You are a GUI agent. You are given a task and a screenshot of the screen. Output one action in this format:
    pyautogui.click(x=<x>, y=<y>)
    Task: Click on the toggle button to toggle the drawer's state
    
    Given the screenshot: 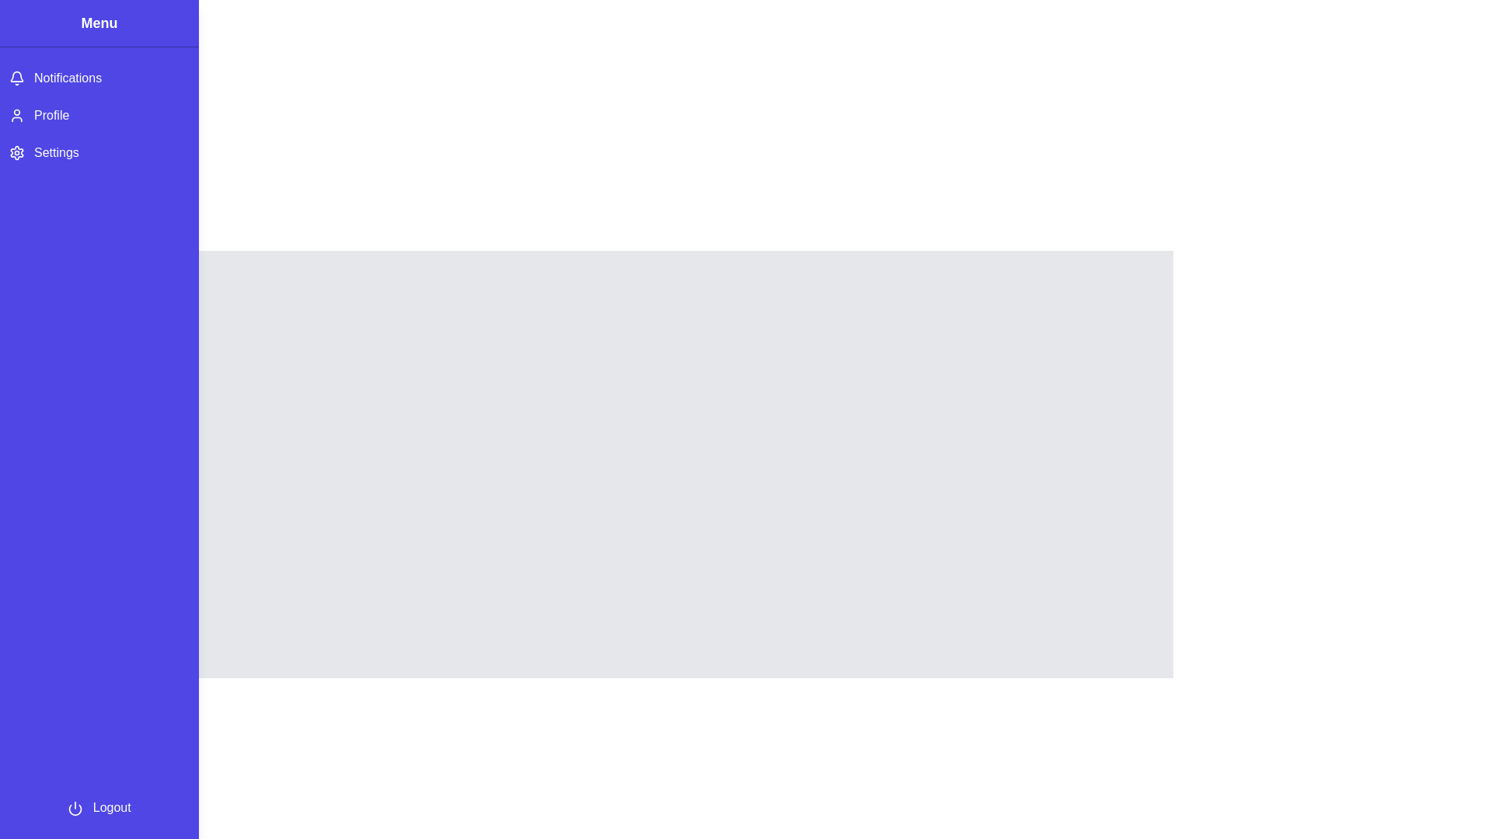 What is the action you would take?
    pyautogui.click(x=23, y=30)
    